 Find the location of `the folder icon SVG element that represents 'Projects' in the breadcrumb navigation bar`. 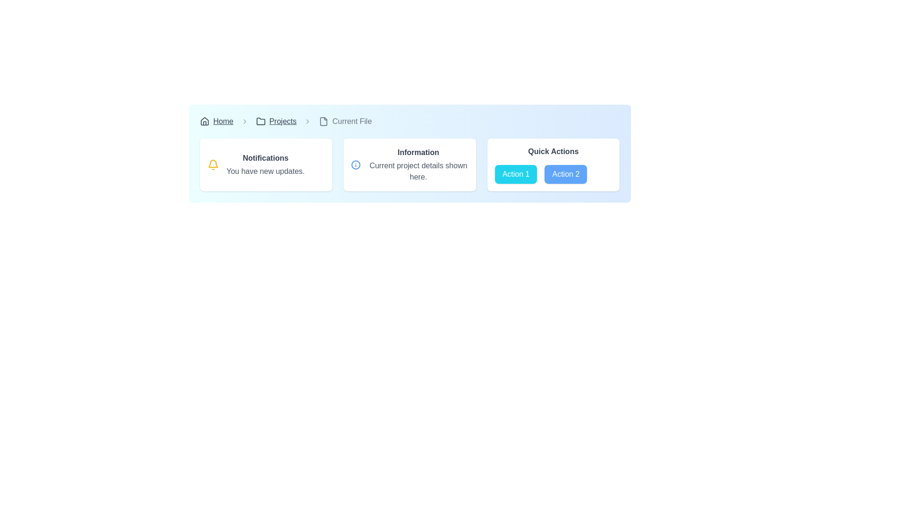

the folder icon SVG element that represents 'Projects' in the breadcrumb navigation bar is located at coordinates (260, 121).